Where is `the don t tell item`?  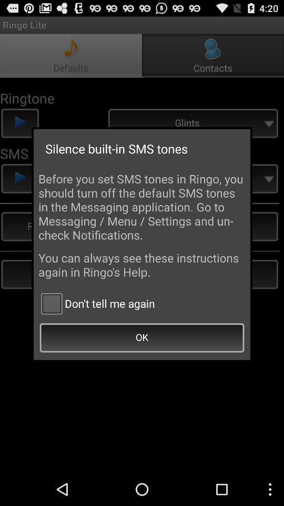
the don t tell item is located at coordinates (96, 303).